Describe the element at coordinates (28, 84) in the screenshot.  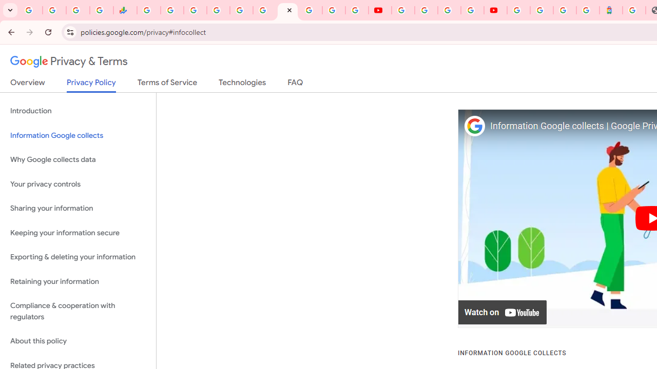
I see `'Overview'` at that location.